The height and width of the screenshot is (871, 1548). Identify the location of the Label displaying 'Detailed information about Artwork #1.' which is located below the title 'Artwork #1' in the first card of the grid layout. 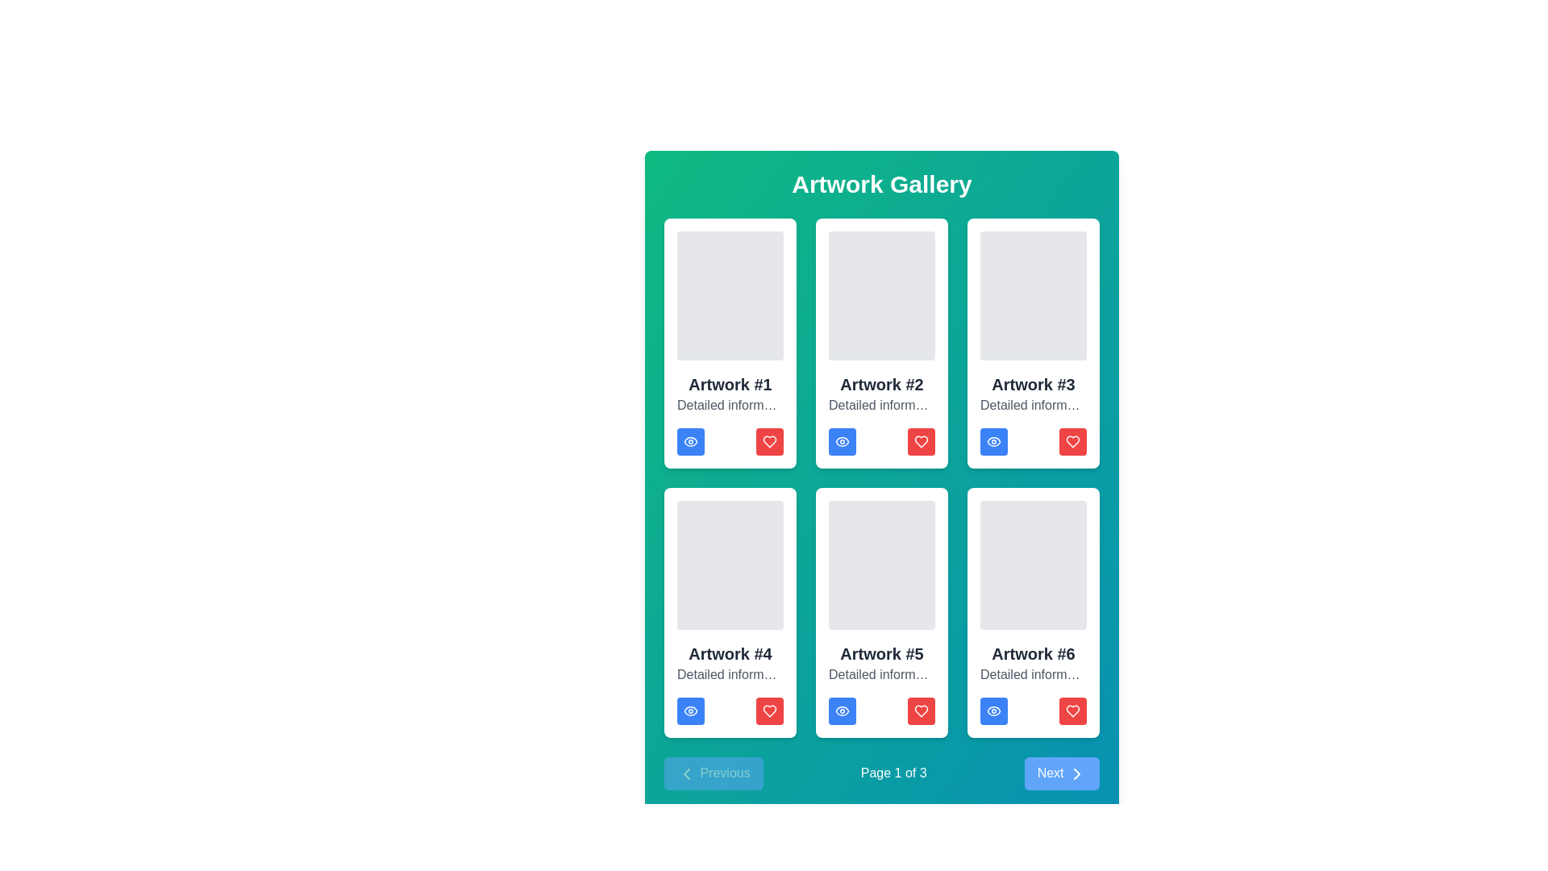
(730, 404).